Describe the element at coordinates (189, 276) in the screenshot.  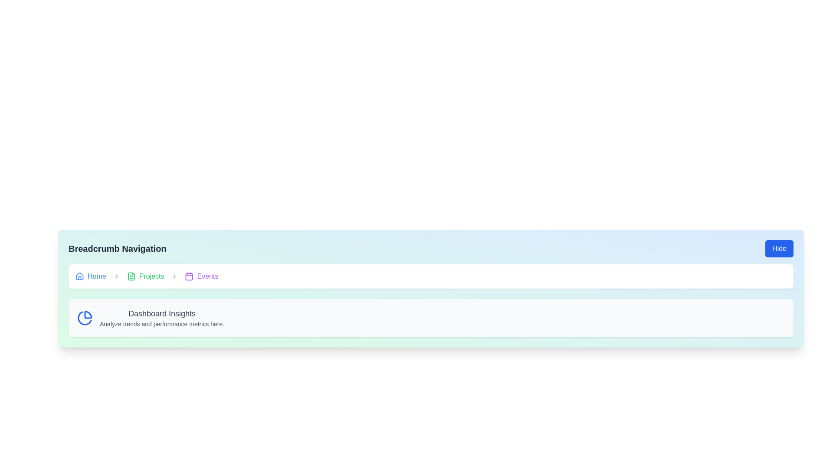
I see `the 'Events' icon in the breadcrumb navigation bar, located before the text 'Events' styled in purple` at that location.